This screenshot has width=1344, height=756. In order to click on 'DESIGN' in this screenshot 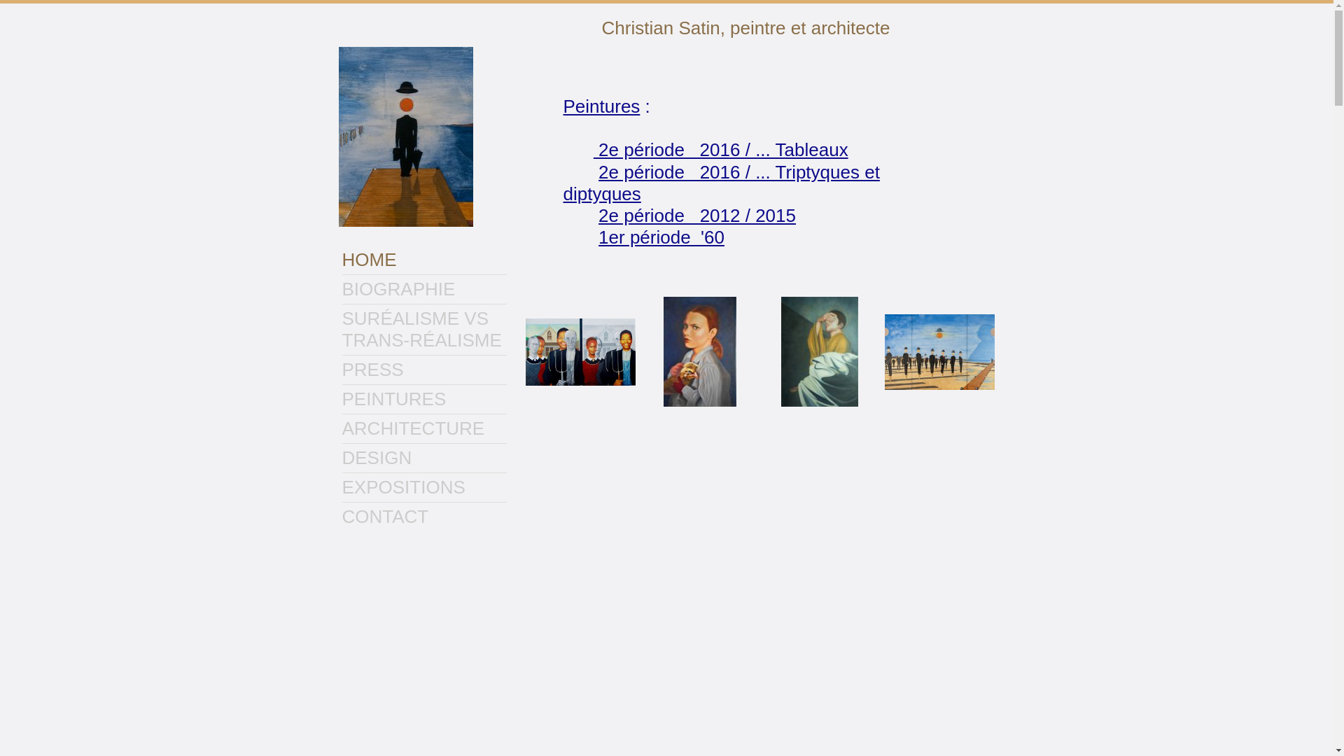, I will do `click(342, 458)`.